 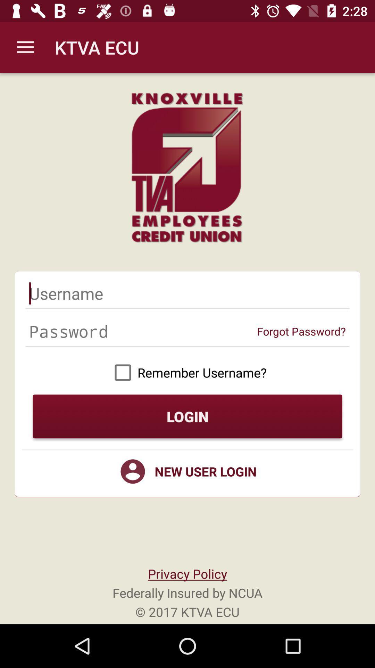 What do you see at coordinates (25, 47) in the screenshot?
I see `the icon to the left of ktva ecu item` at bounding box center [25, 47].